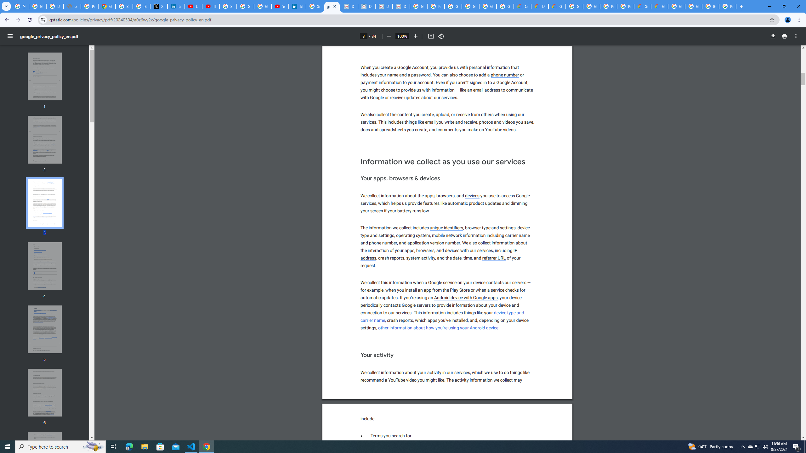 The width and height of the screenshot is (806, 453). Describe the element at coordinates (363, 36) in the screenshot. I see `'Page number'` at that location.